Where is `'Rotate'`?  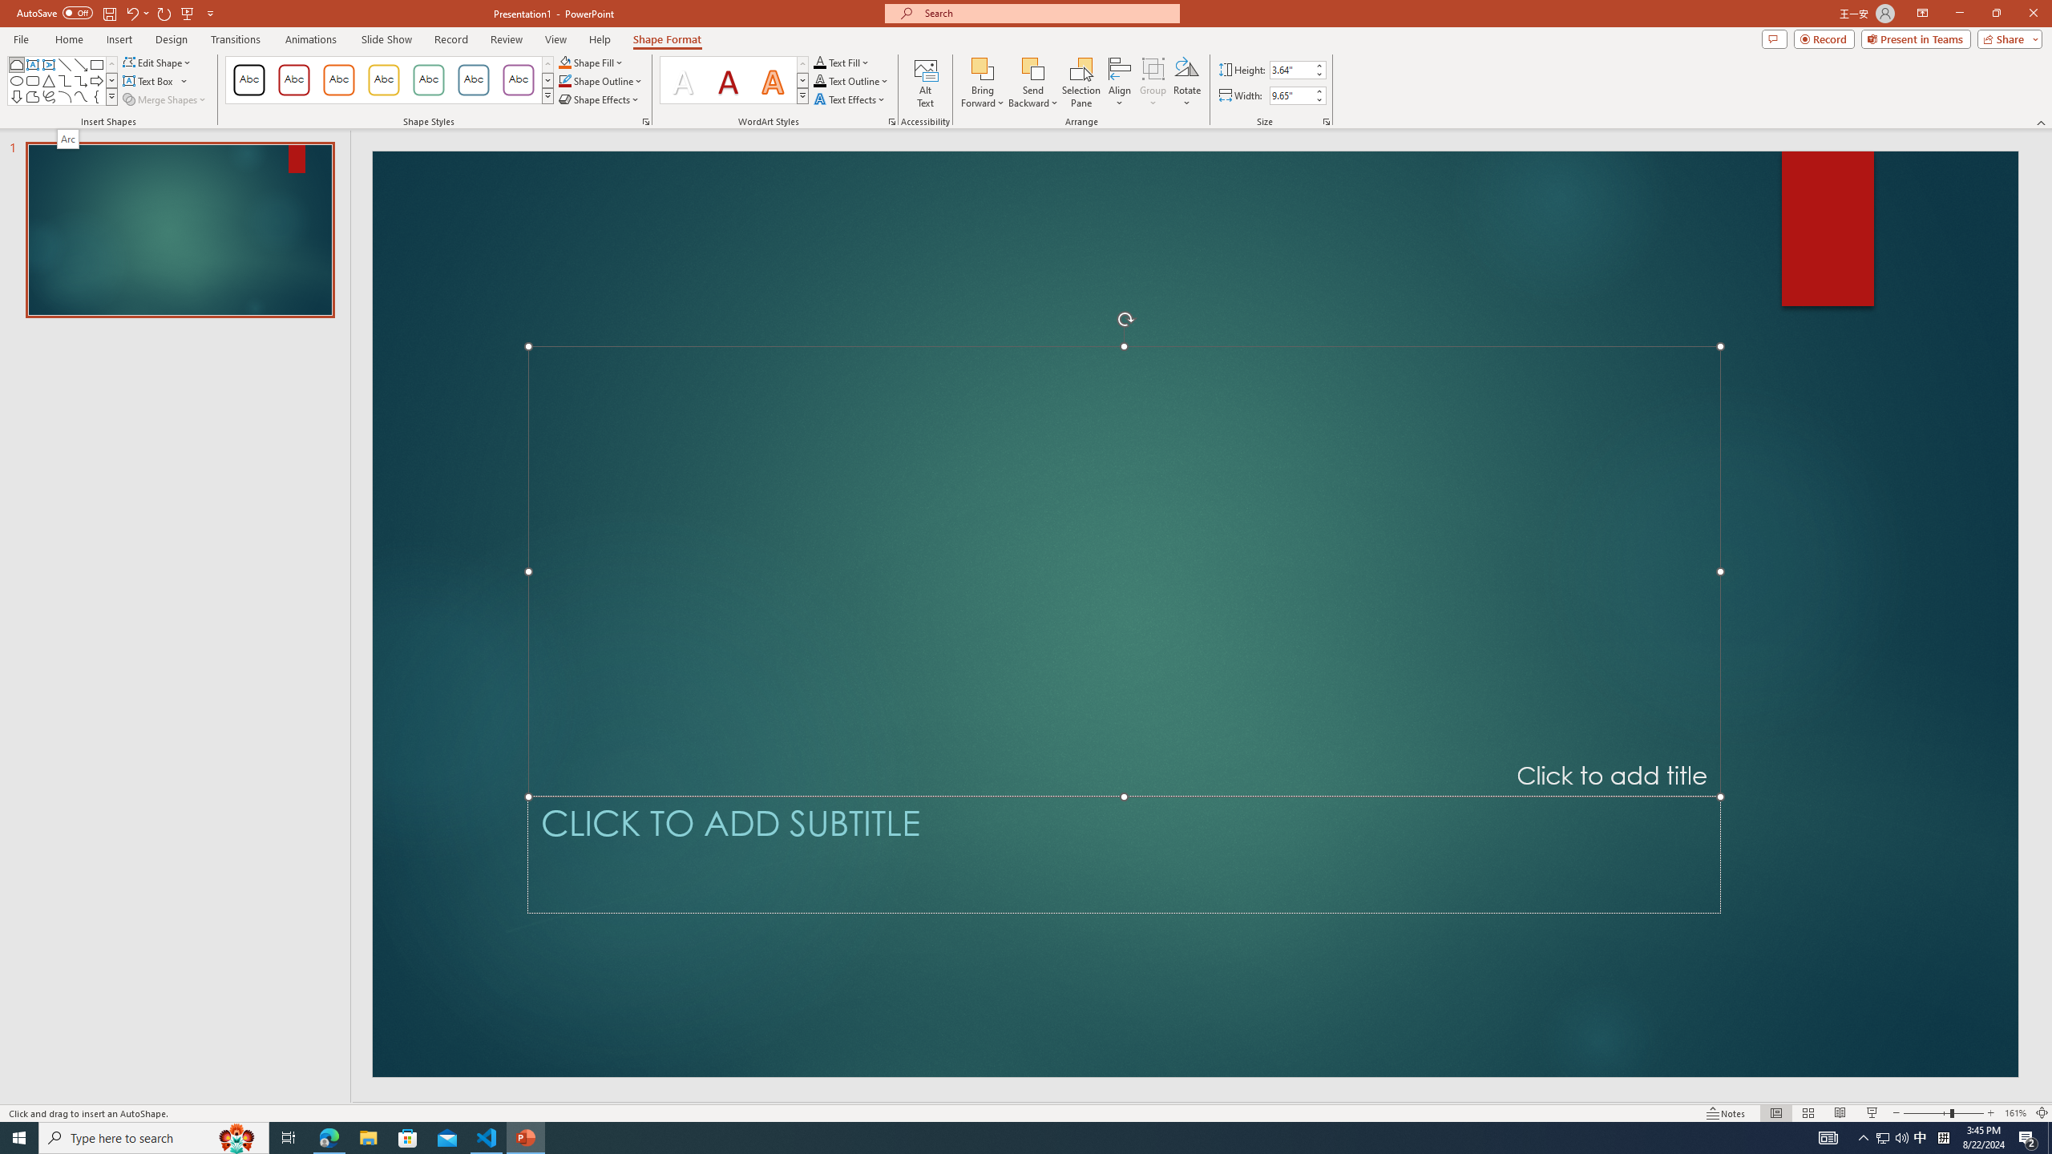
'Rotate' is located at coordinates (1186, 83).